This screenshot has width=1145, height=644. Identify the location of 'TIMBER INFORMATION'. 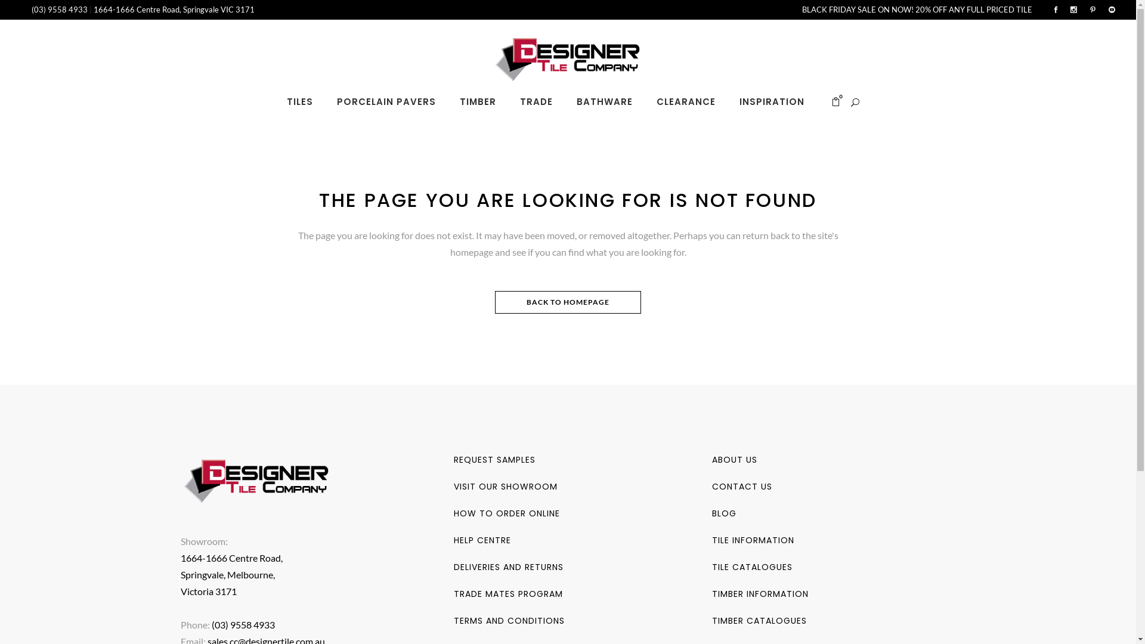
(760, 593).